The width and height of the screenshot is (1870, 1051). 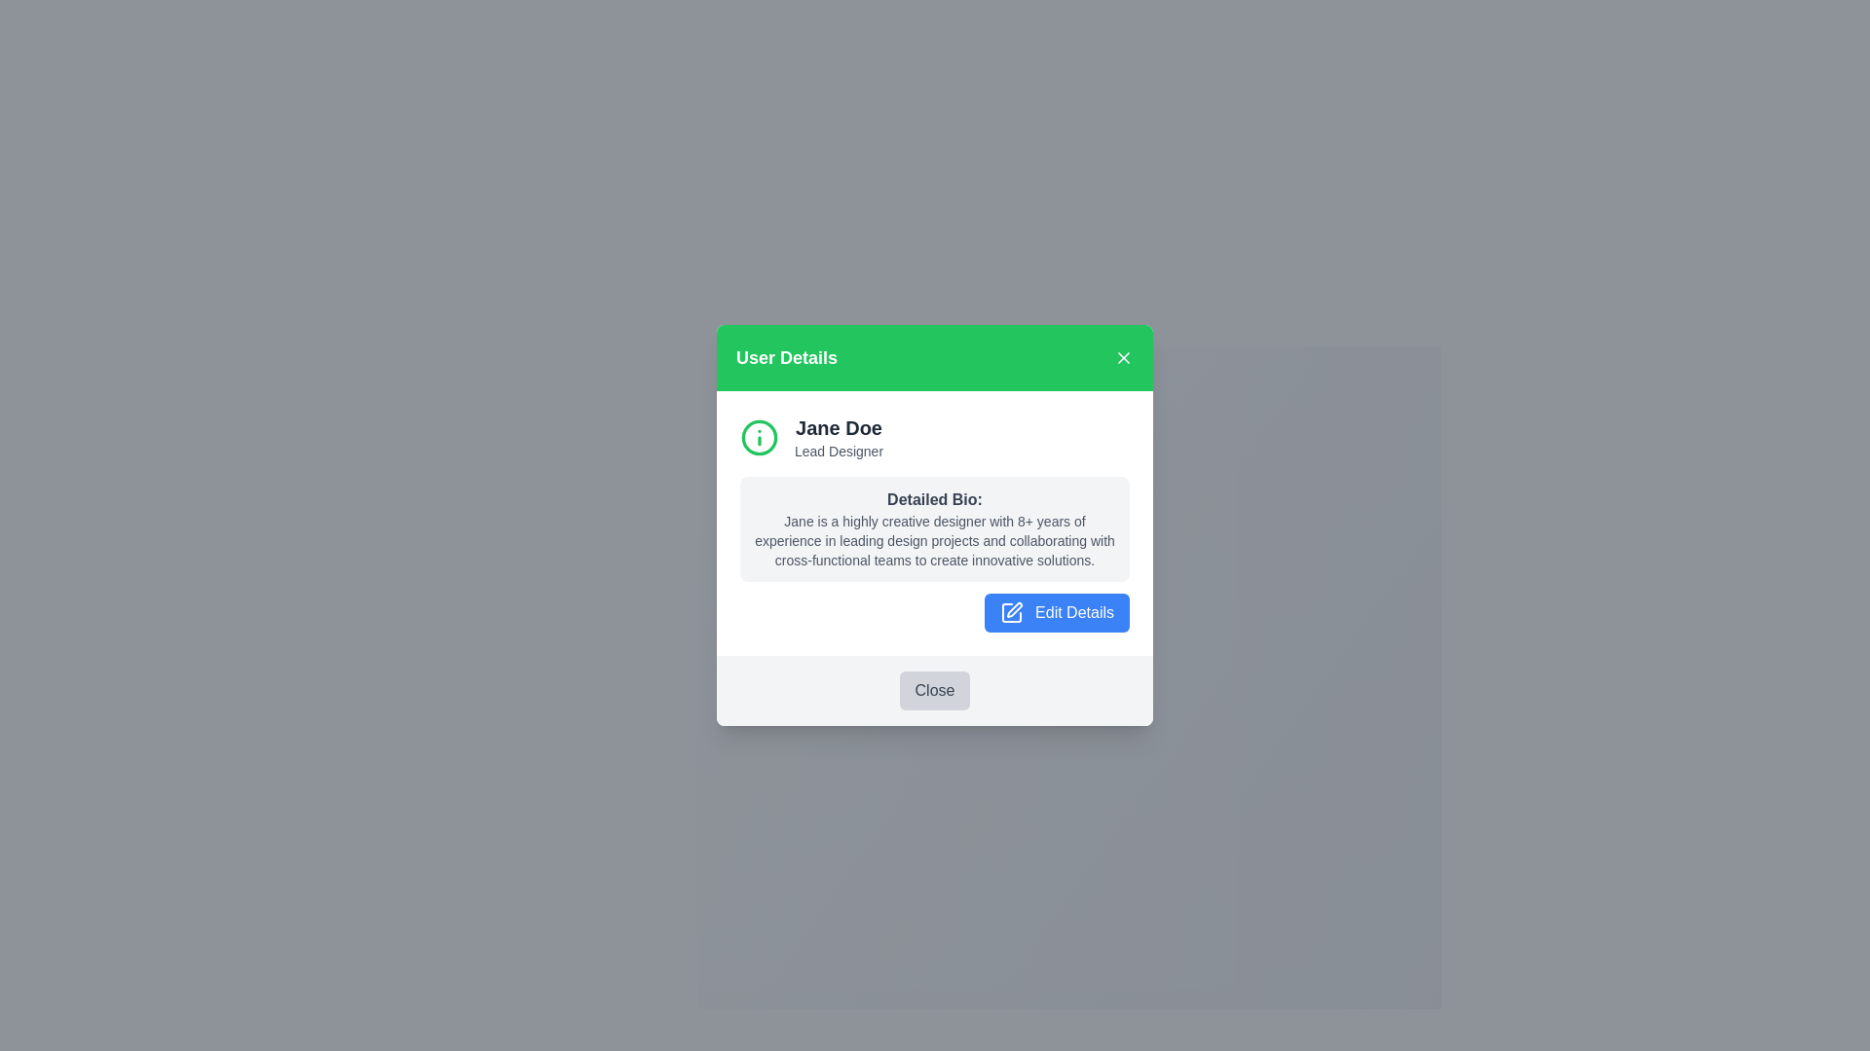 I want to click on the bold text label reading 'User Details' located in the header section of the modal, which is styled with a larger font size and white text on a green background, so click(x=786, y=357).